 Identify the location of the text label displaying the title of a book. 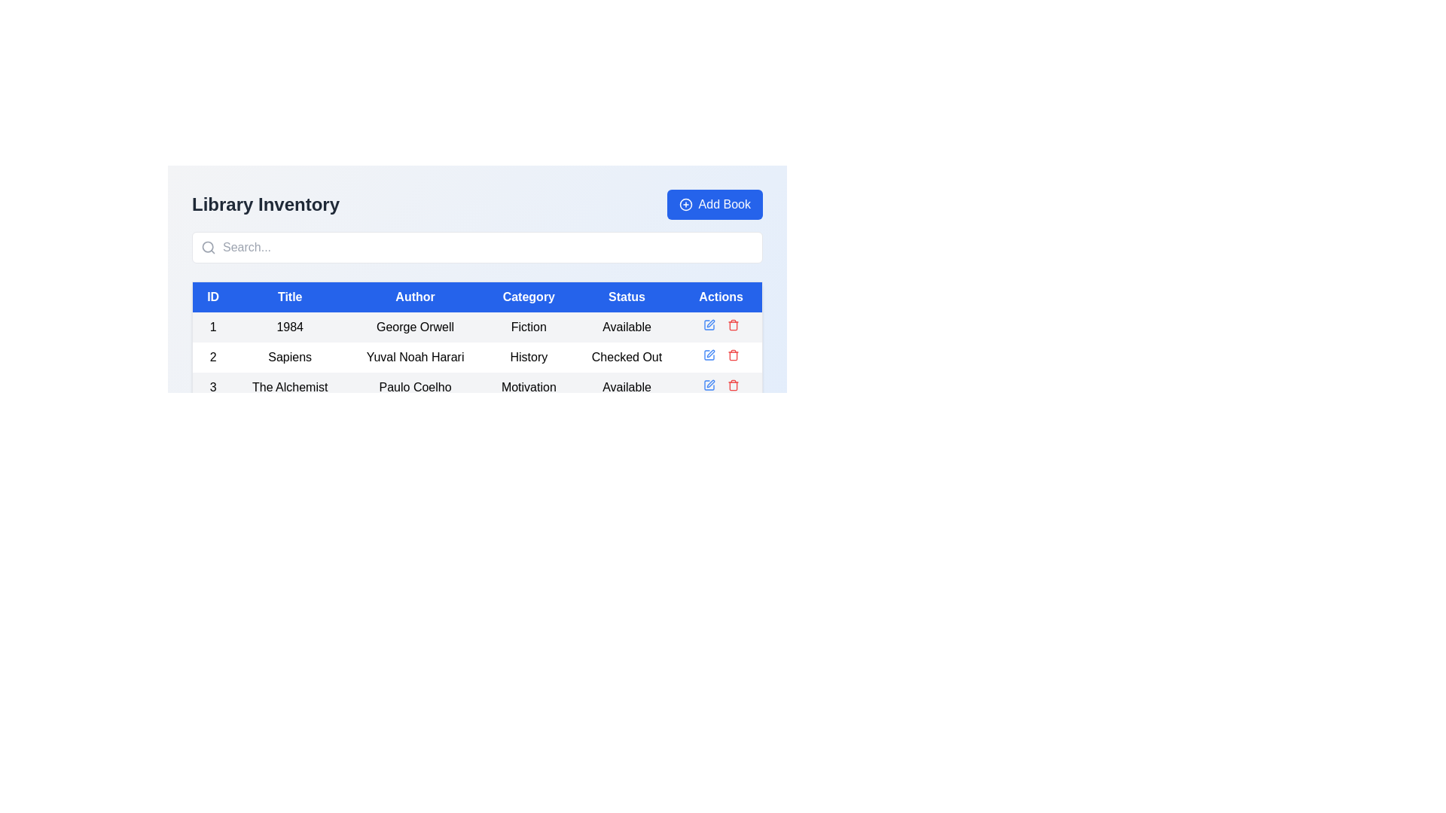
(290, 327).